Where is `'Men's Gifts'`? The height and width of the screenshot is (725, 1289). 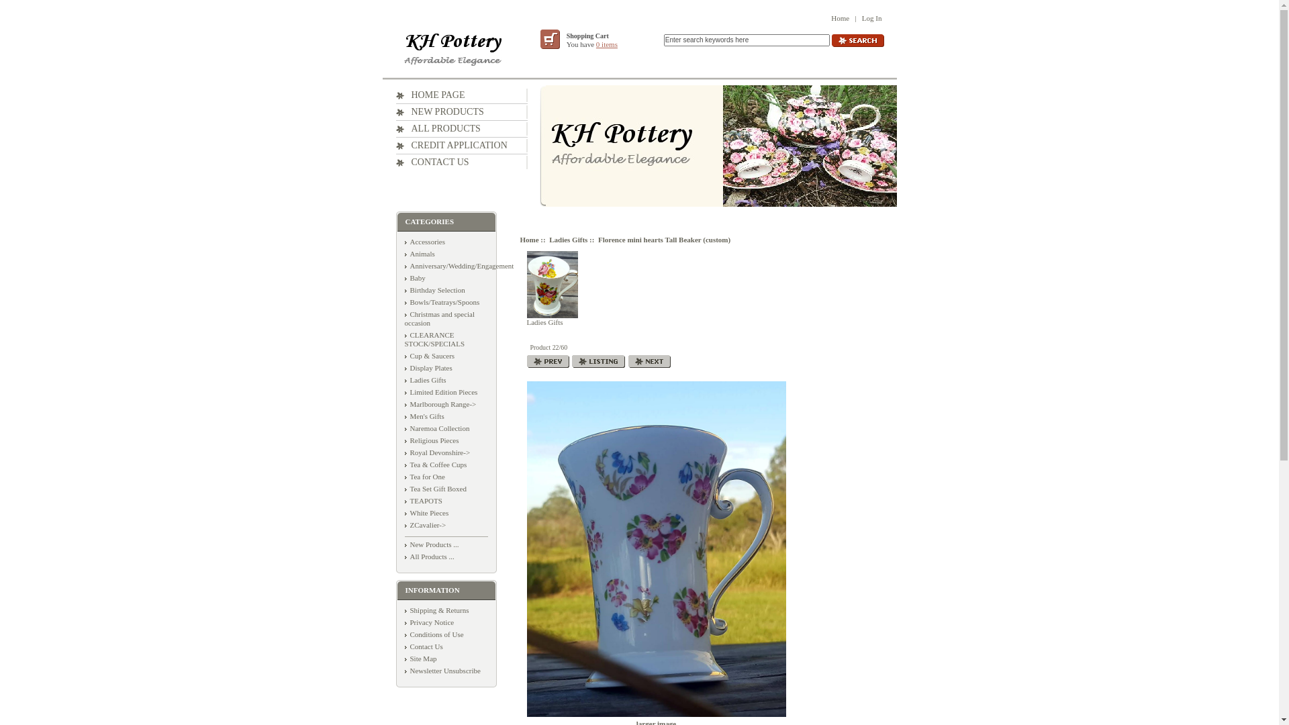 'Men's Gifts' is located at coordinates (423, 416).